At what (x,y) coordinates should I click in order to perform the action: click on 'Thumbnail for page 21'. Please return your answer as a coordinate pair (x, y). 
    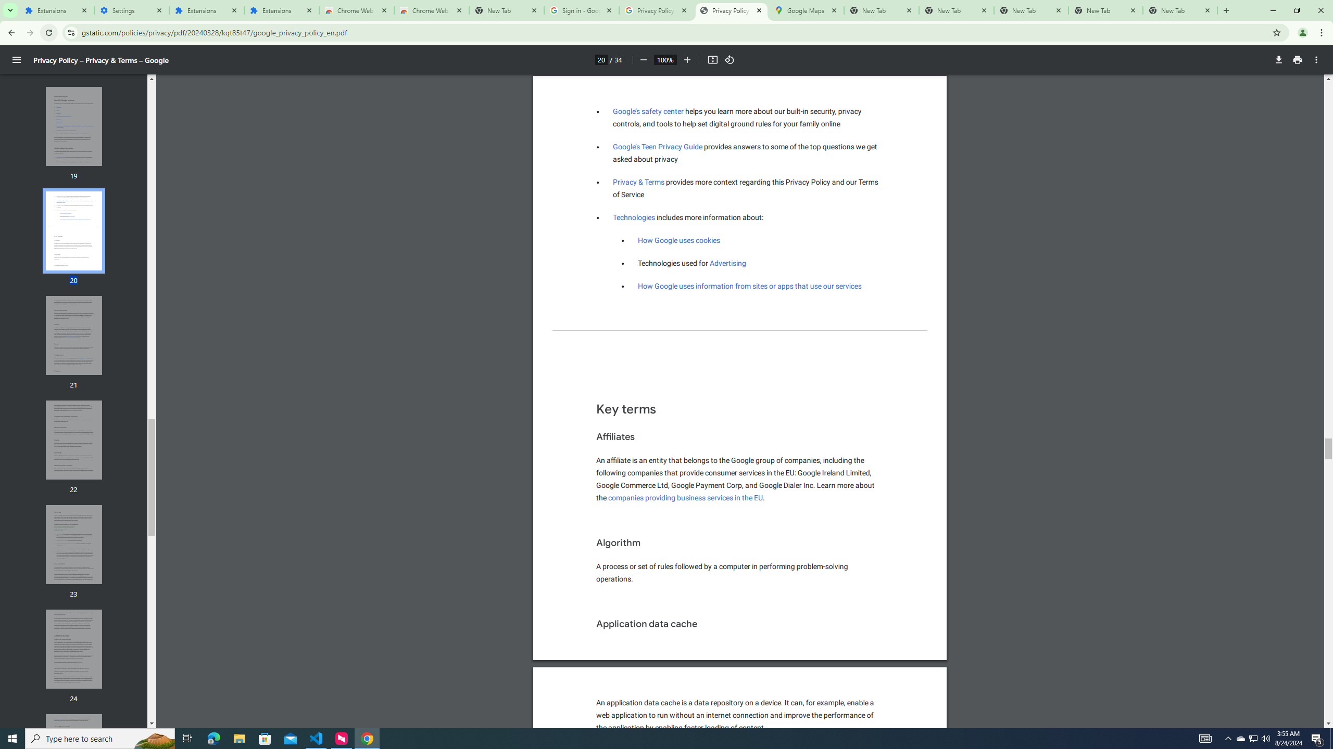
    Looking at the image, I should click on (74, 335).